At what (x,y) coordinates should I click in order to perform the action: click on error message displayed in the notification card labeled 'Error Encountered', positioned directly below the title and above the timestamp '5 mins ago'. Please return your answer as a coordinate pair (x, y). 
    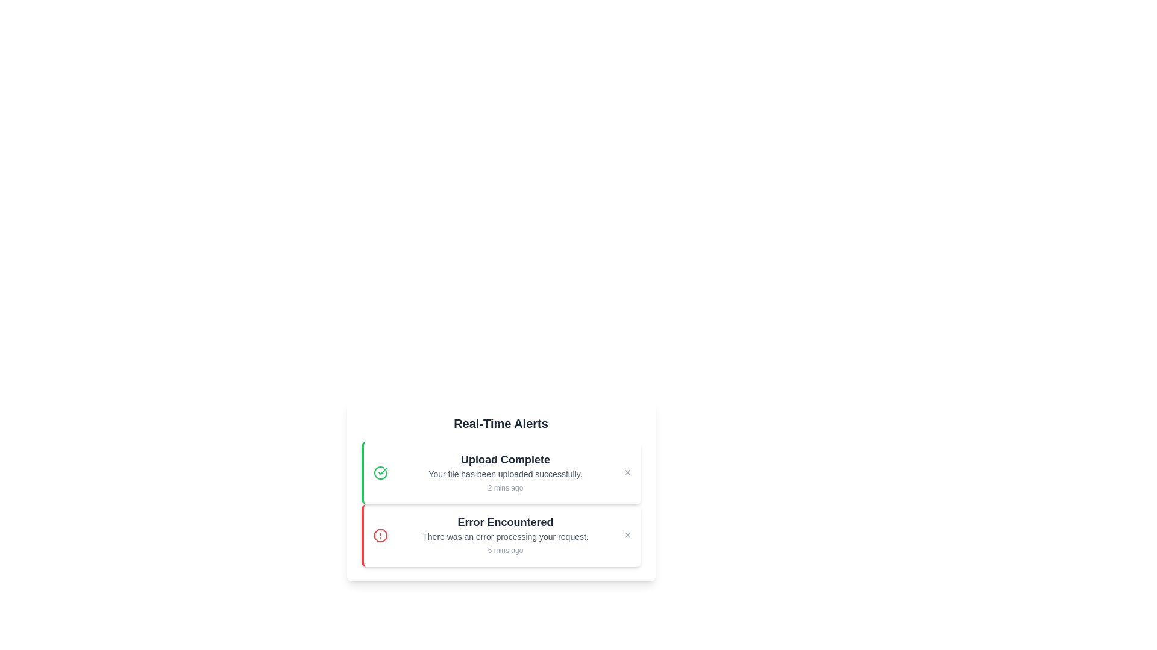
    Looking at the image, I should click on (506, 536).